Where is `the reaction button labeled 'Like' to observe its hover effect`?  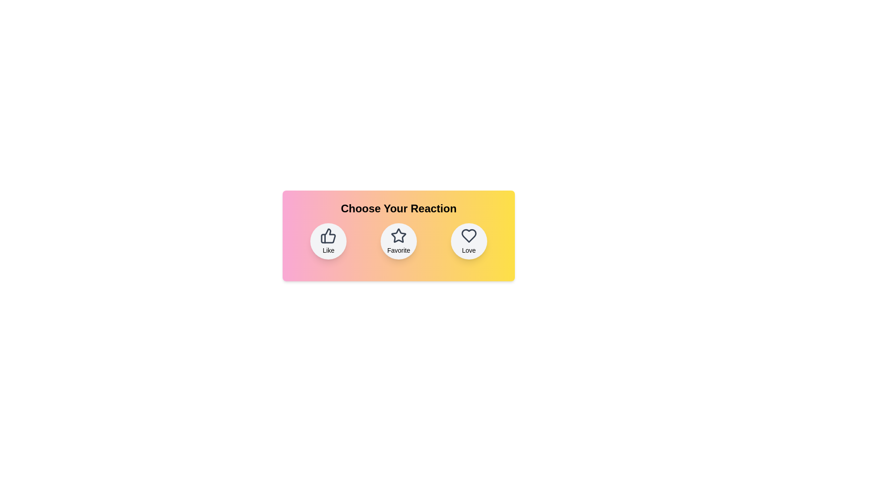 the reaction button labeled 'Like' to observe its hover effect is located at coordinates (328, 241).